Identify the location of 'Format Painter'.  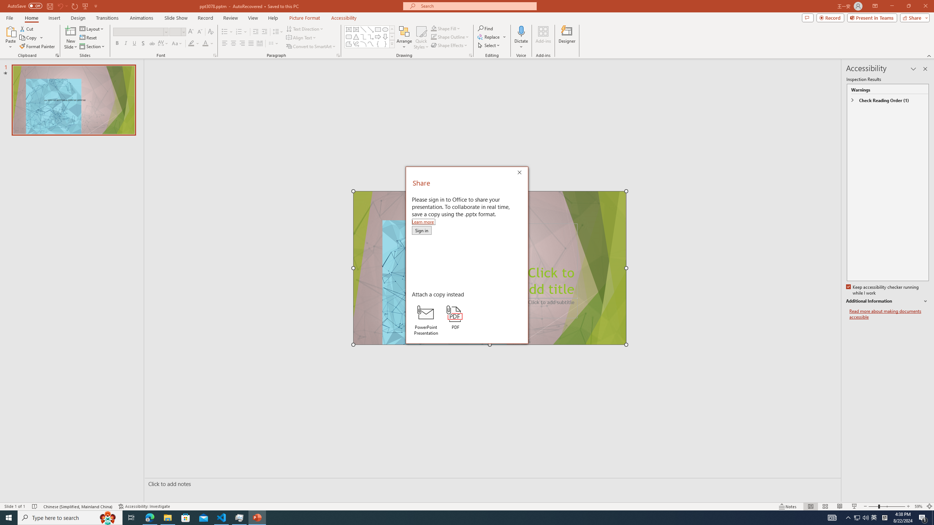
(37, 46).